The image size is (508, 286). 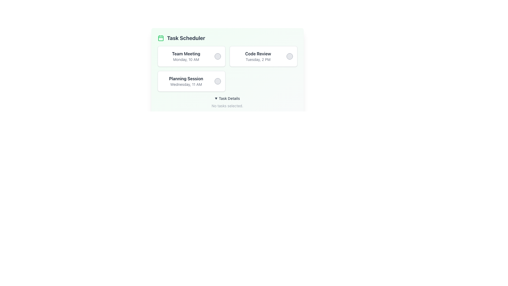 I want to click on the circular gray button with a darker gray outline located in the top-right corner of the 'Code Review' card, so click(x=289, y=56).